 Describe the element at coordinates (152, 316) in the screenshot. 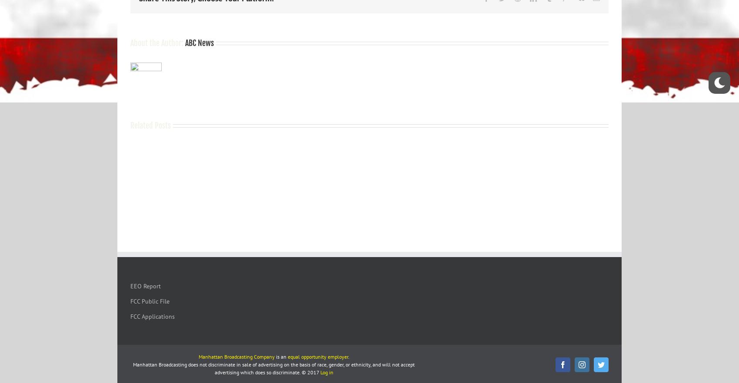

I see `'FCC Applications'` at that location.